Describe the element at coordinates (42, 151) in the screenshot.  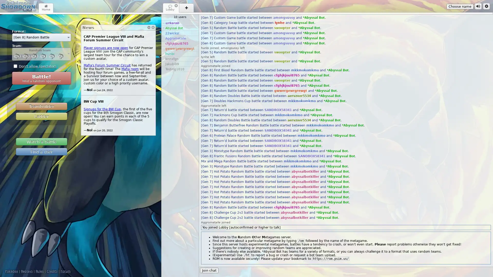
I see `Find a user` at that location.